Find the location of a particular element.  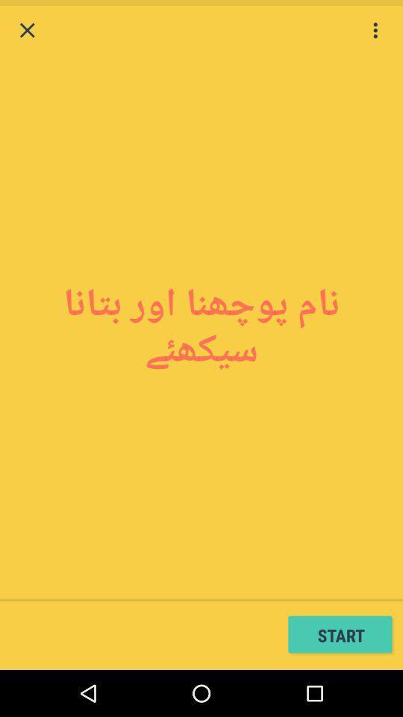

the close icon is located at coordinates (27, 31).